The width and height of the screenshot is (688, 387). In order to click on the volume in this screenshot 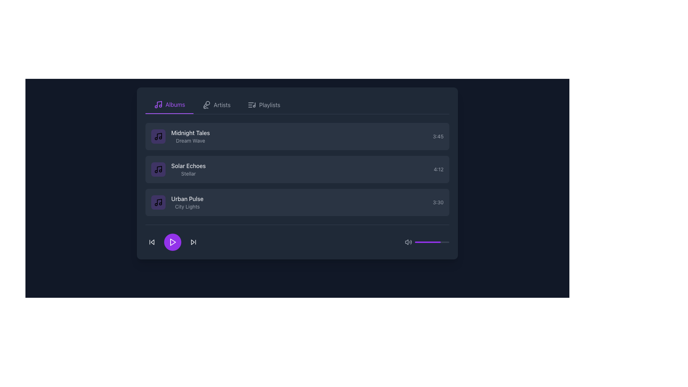, I will do `click(427, 242)`.